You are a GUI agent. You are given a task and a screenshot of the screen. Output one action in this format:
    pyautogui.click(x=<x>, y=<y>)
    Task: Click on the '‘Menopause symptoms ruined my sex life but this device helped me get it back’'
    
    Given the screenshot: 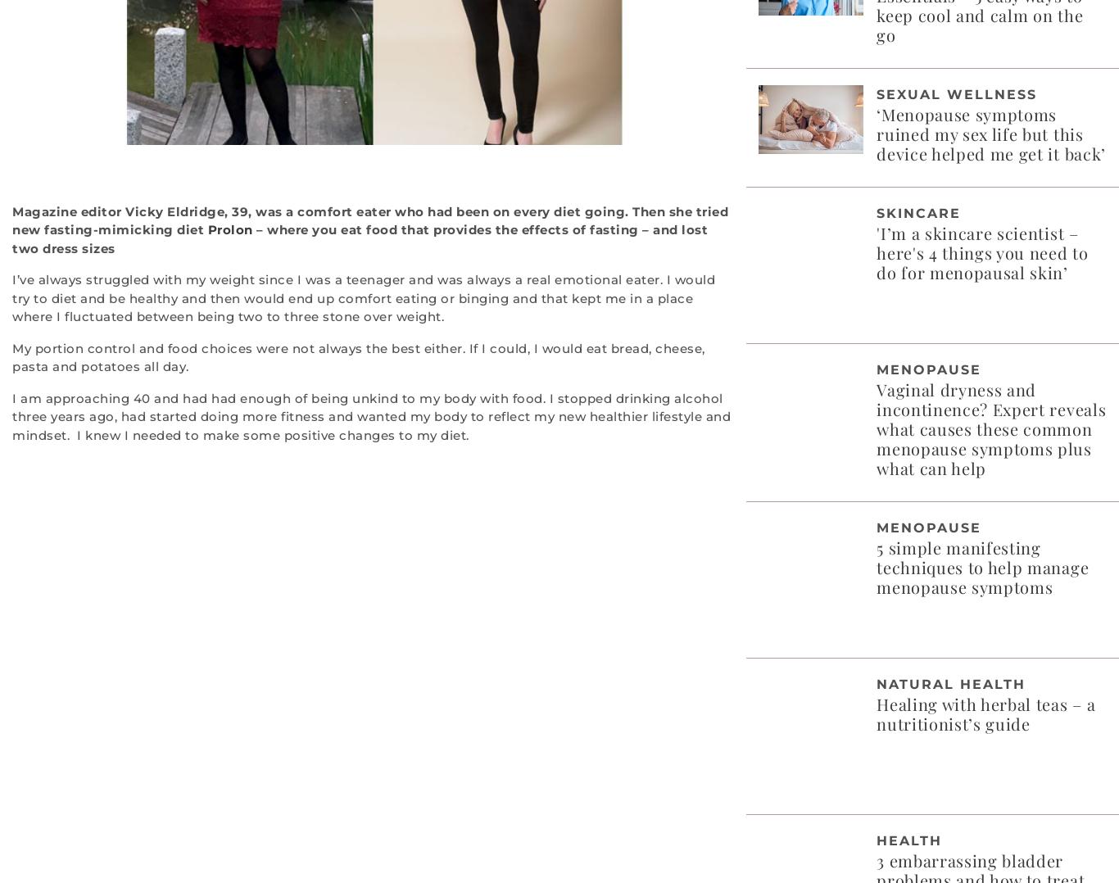 What is the action you would take?
    pyautogui.click(x=875, y=132)
    